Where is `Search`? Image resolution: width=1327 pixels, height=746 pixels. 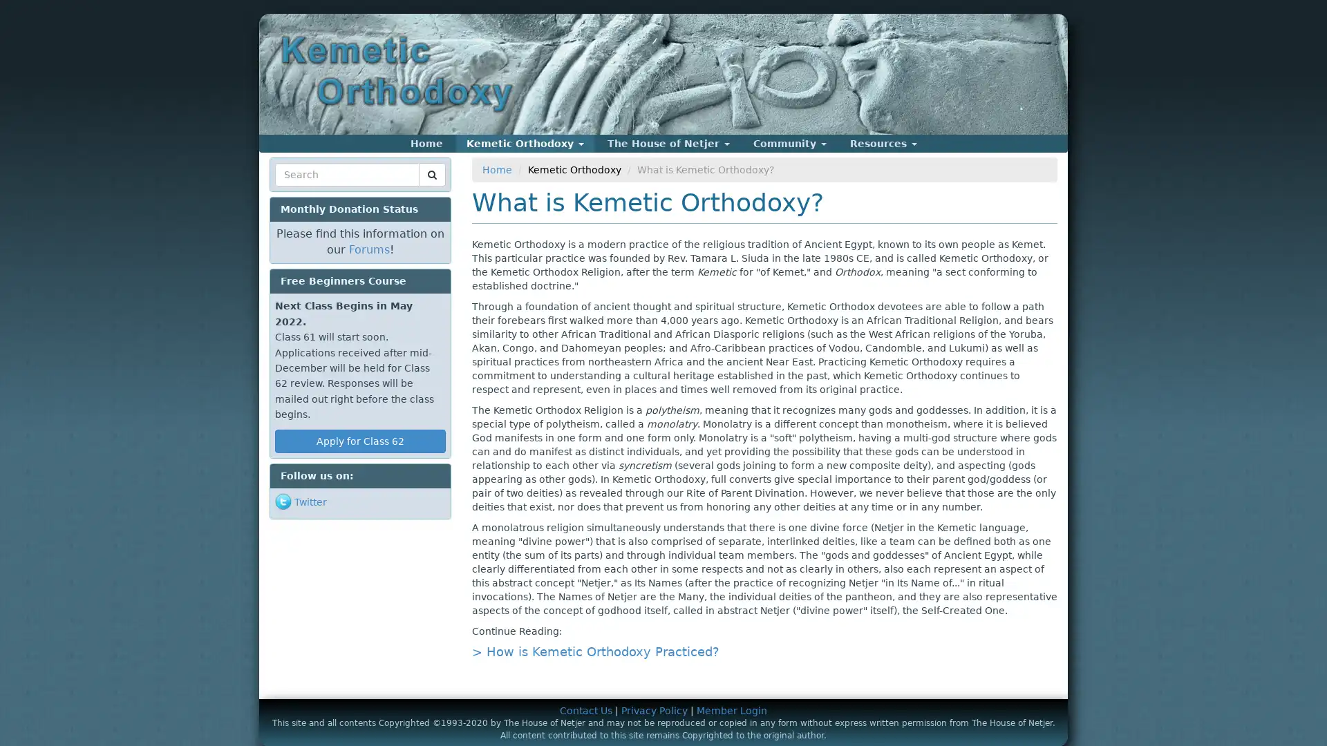
Search is located at coordinates (301, 191).